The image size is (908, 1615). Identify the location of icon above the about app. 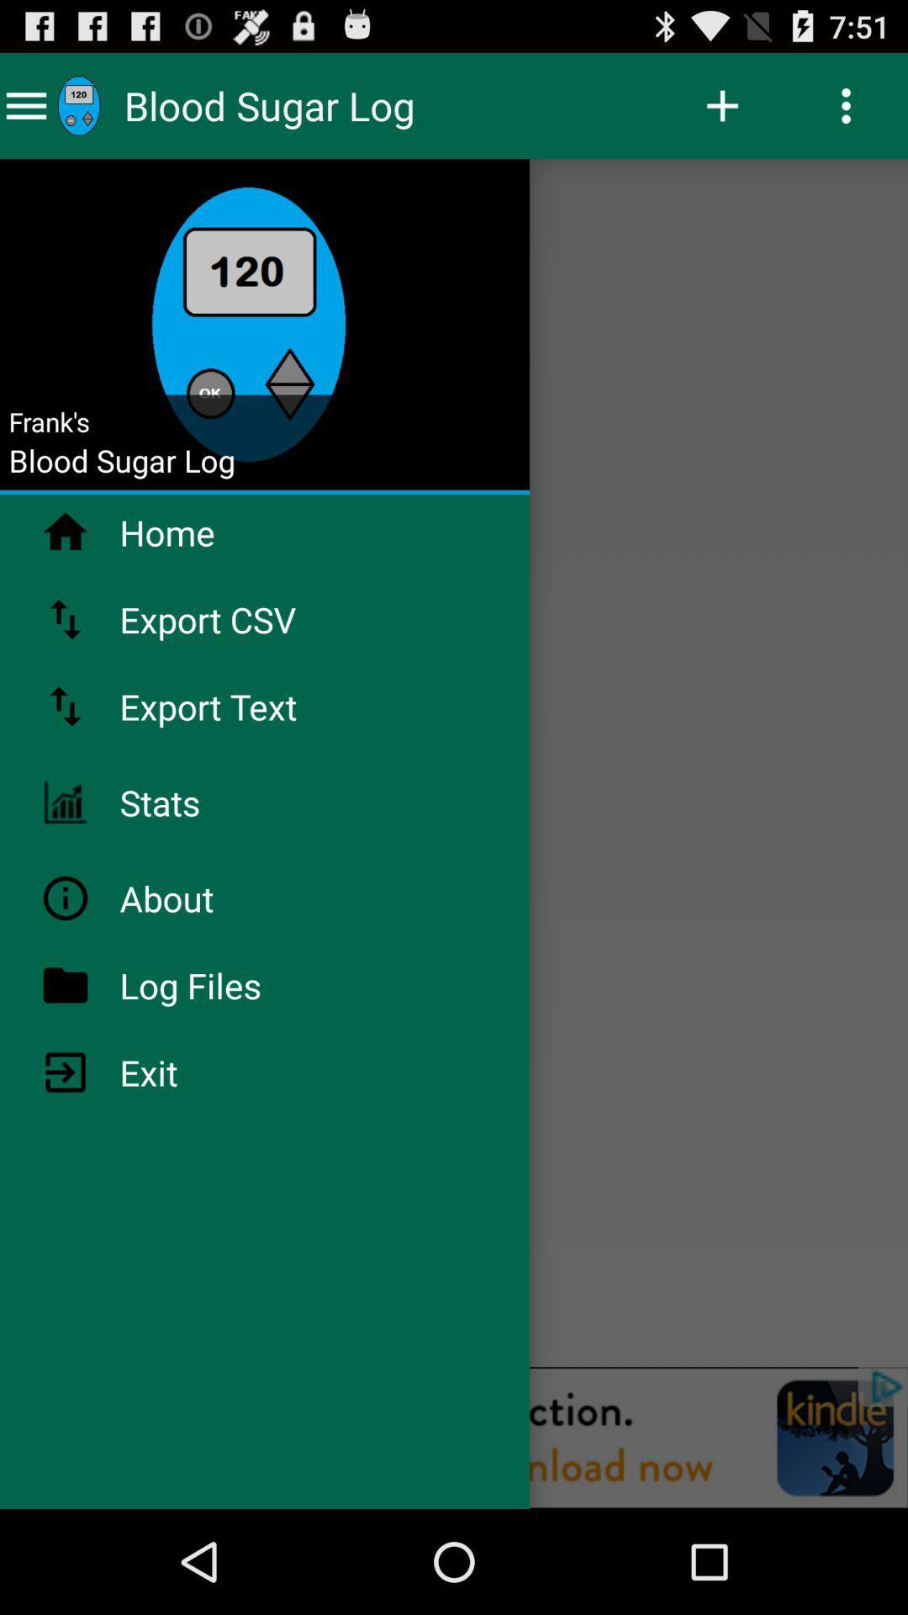
(203, 802).